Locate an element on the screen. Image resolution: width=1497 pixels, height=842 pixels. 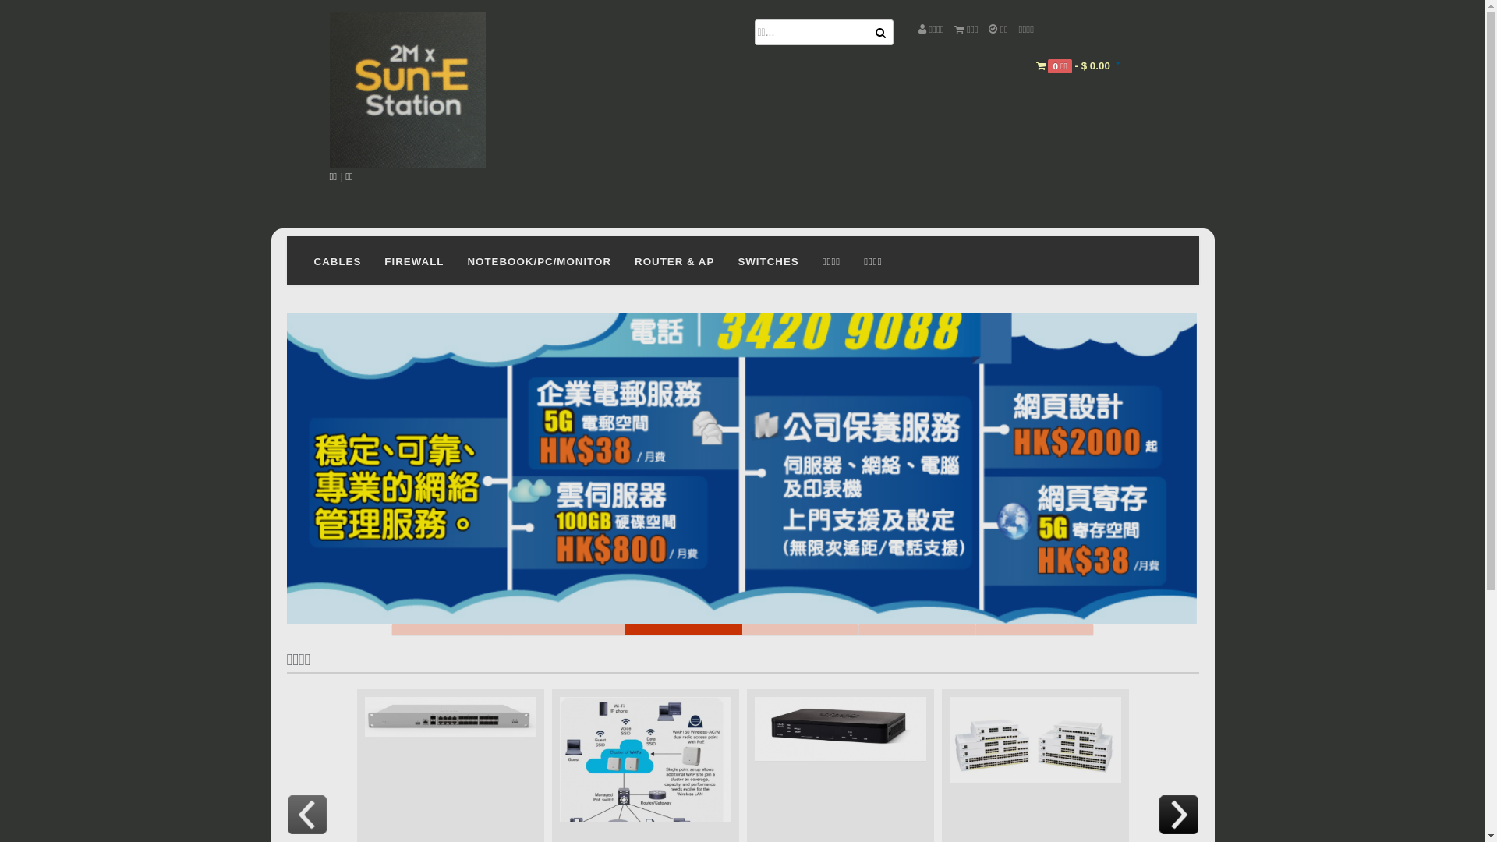
'SWITCHES' is located at coordinates (725, 260).